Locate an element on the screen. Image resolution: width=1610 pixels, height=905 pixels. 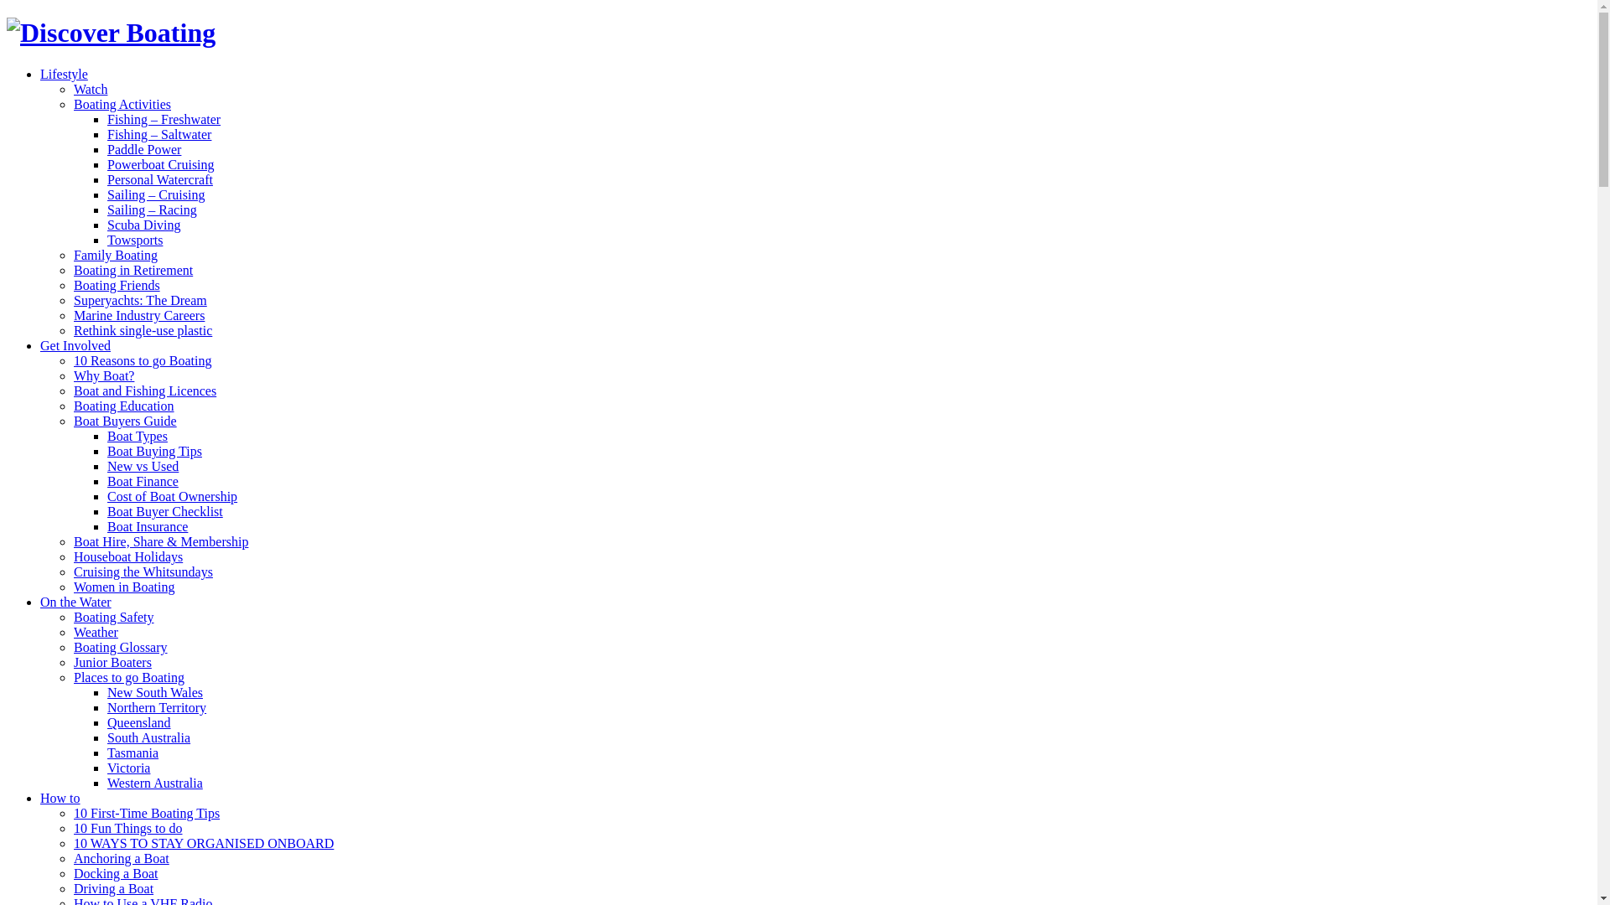
'Powerboat Cruising' is located at coordinates (161, 164).